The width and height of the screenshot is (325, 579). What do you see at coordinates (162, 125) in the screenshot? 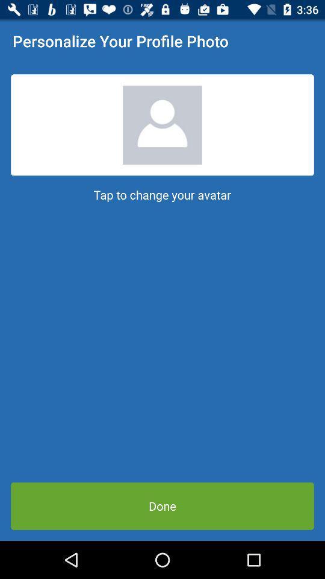
I see `a profile picture` at bounding box center [162, 125].